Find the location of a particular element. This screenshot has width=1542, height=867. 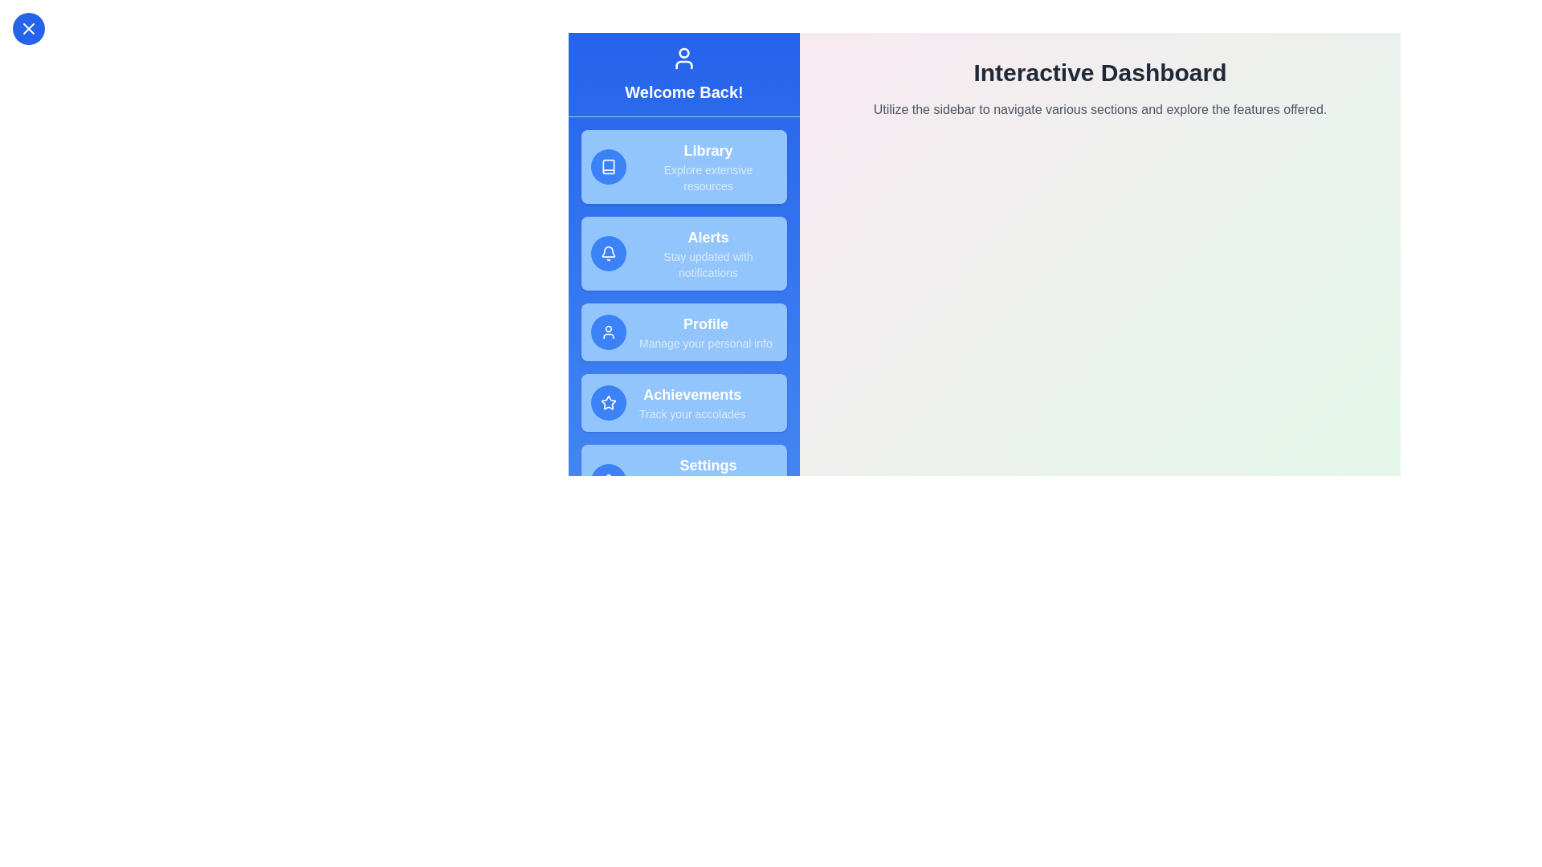

toggle button in the top-left corner to toggle the visibility of the drawer is located at coordinates (28, 28).